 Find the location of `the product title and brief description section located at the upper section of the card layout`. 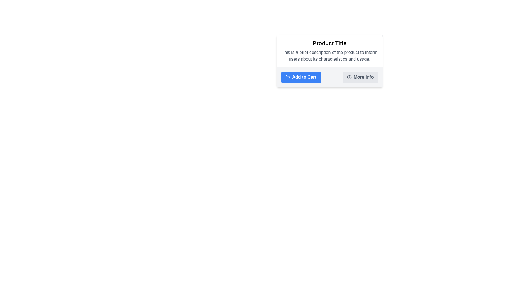

the product title and brief description section located at the upper section of the card layout is located at coordinates (329, 51).